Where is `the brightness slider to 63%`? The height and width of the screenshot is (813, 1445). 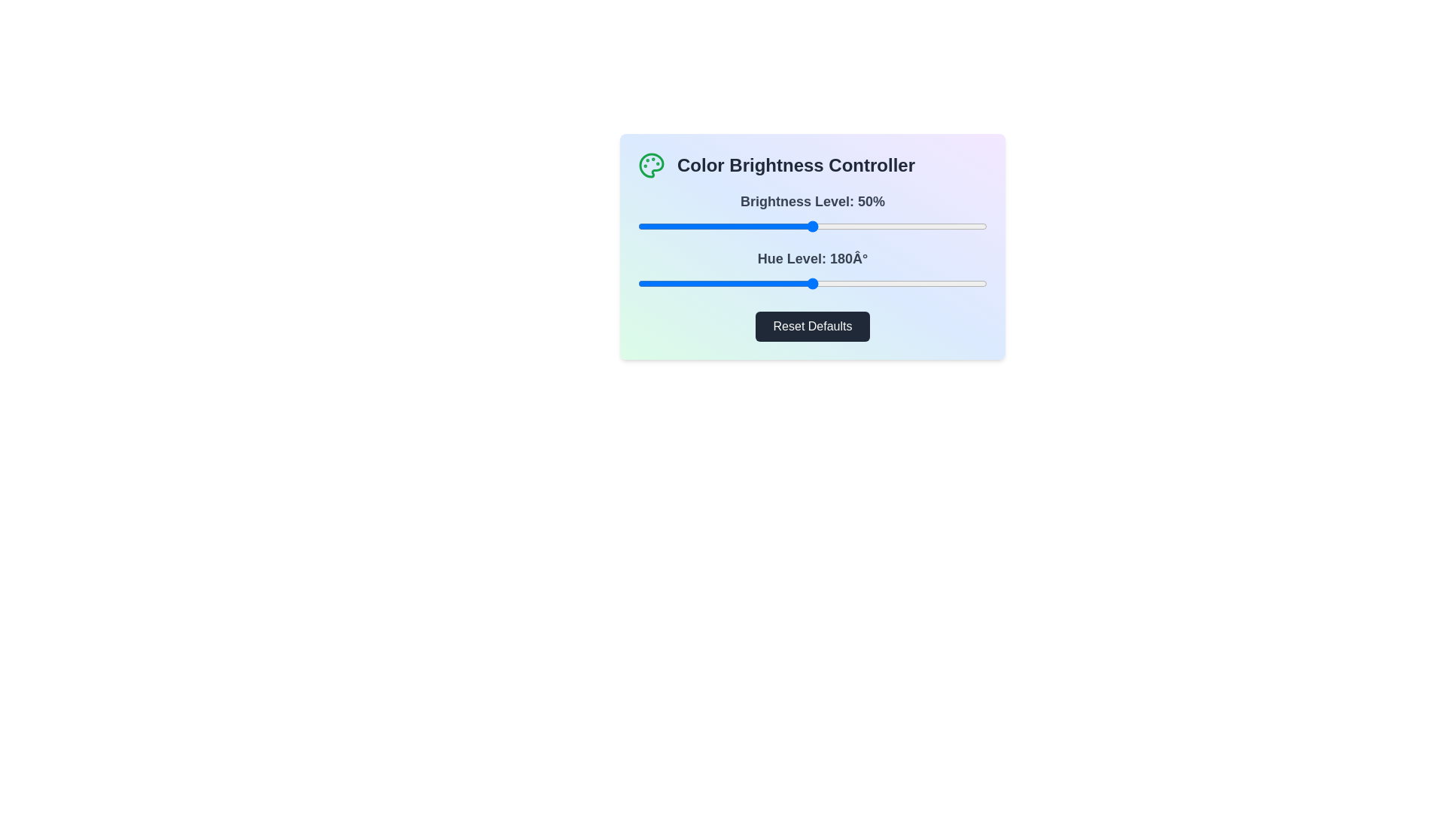
the brightness slider to 63% is located at coordinates (858, 226).